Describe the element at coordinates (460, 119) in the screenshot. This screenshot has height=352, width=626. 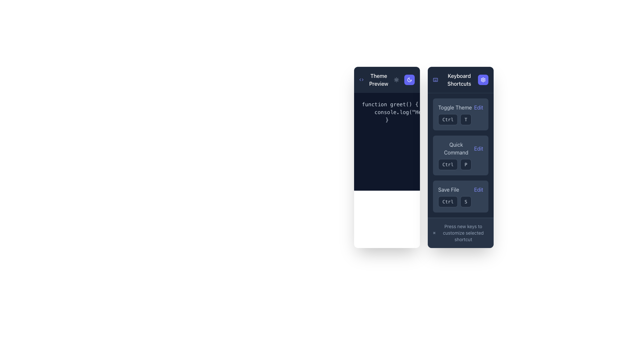
I see `text from the Keyboard shortcut indicator displaying 'Ctrl' and 'T' within the 'Toggle Theme Edit' section of the 'Keyboard Shortcuts' panel` at that location.